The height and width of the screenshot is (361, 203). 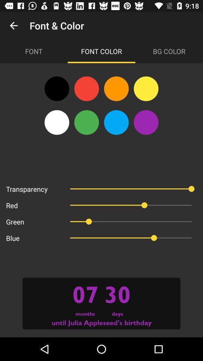 I want to click on icon above the font item, so click(x=14, y=26).